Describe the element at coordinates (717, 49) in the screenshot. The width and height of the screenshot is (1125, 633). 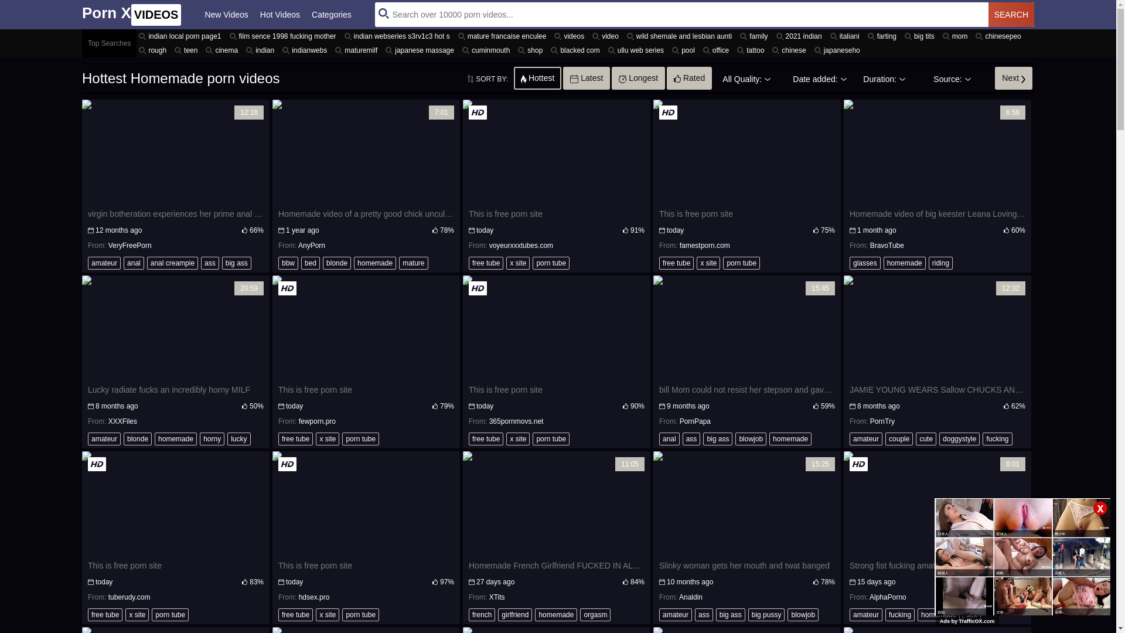
I see `'office'` at that location.